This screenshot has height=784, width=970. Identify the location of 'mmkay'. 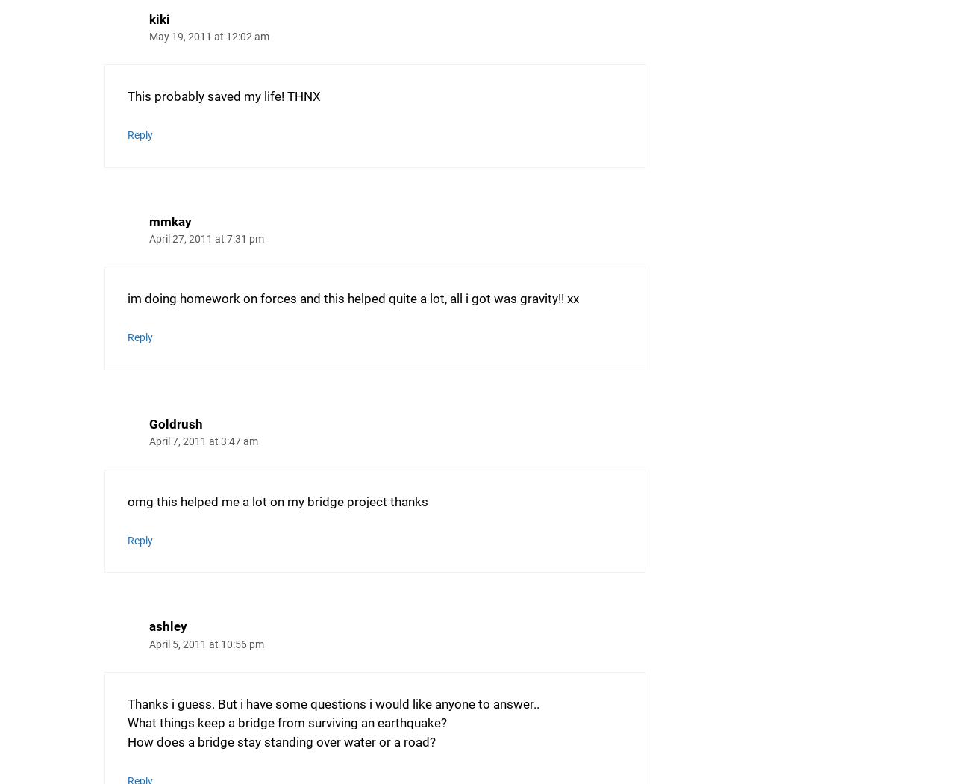
(169, 220).